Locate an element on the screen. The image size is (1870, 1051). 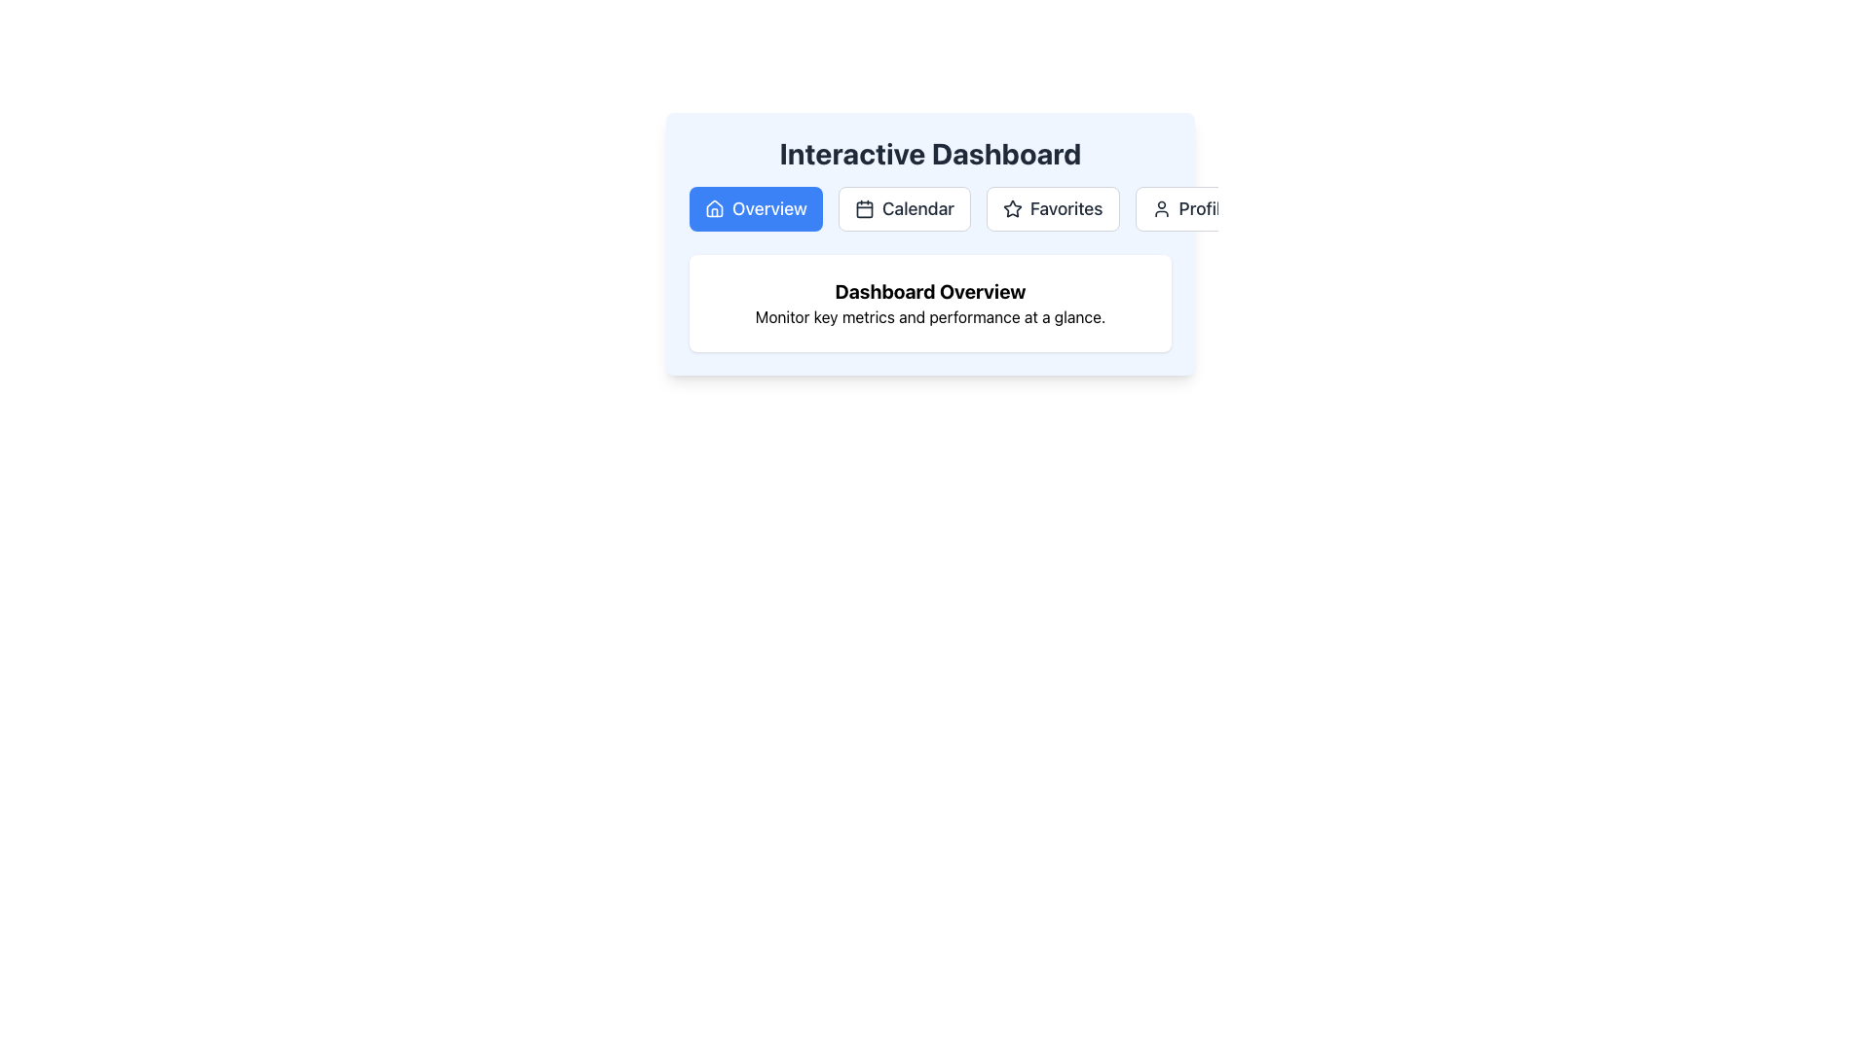
the star icon in the Favorites tab is located at coordinates (1011, 207).